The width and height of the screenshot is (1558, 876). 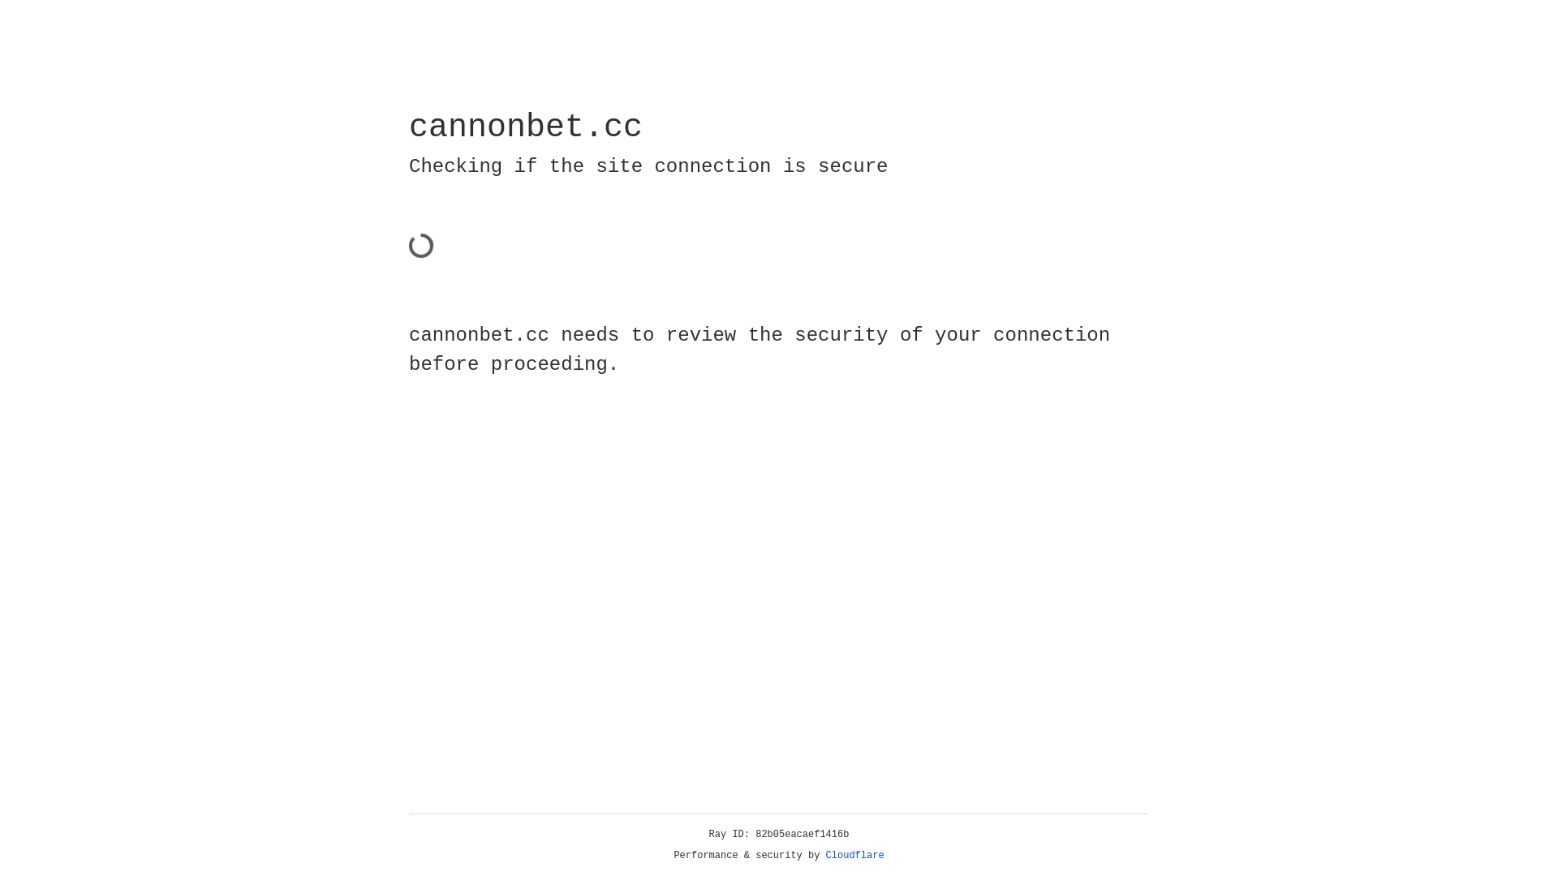 What do you see at coordinates (854, 855) in the screenshot?
I see `'Cloudflare'` at bounding box center [854, 855].